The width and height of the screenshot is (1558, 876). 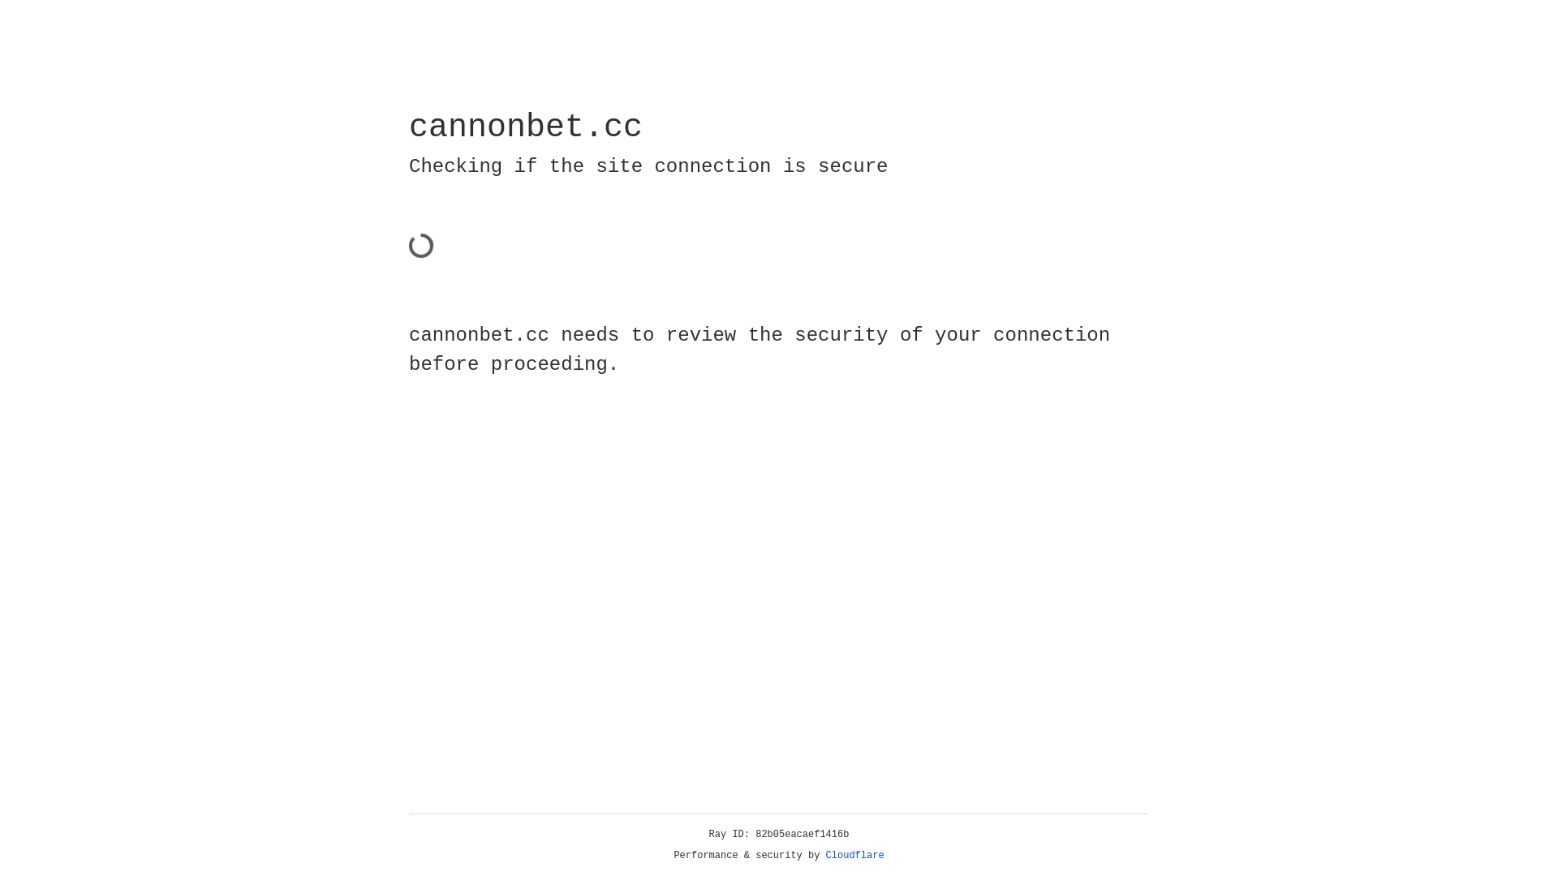 What do you see at coordinates (854, 855) in the screenshot?
I see `'Cloudflare'` at bounding box center [854, 855].